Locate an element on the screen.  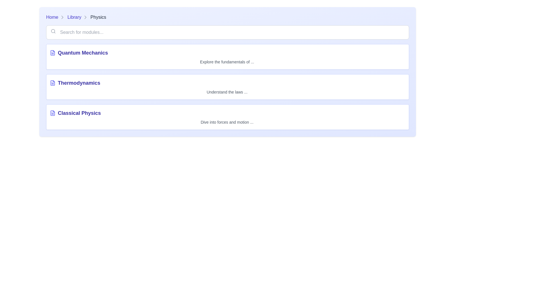
the file/document icon located at the top of the vertical list, which signifies the associated content for the title next to it is located at coordinates (53, 53).